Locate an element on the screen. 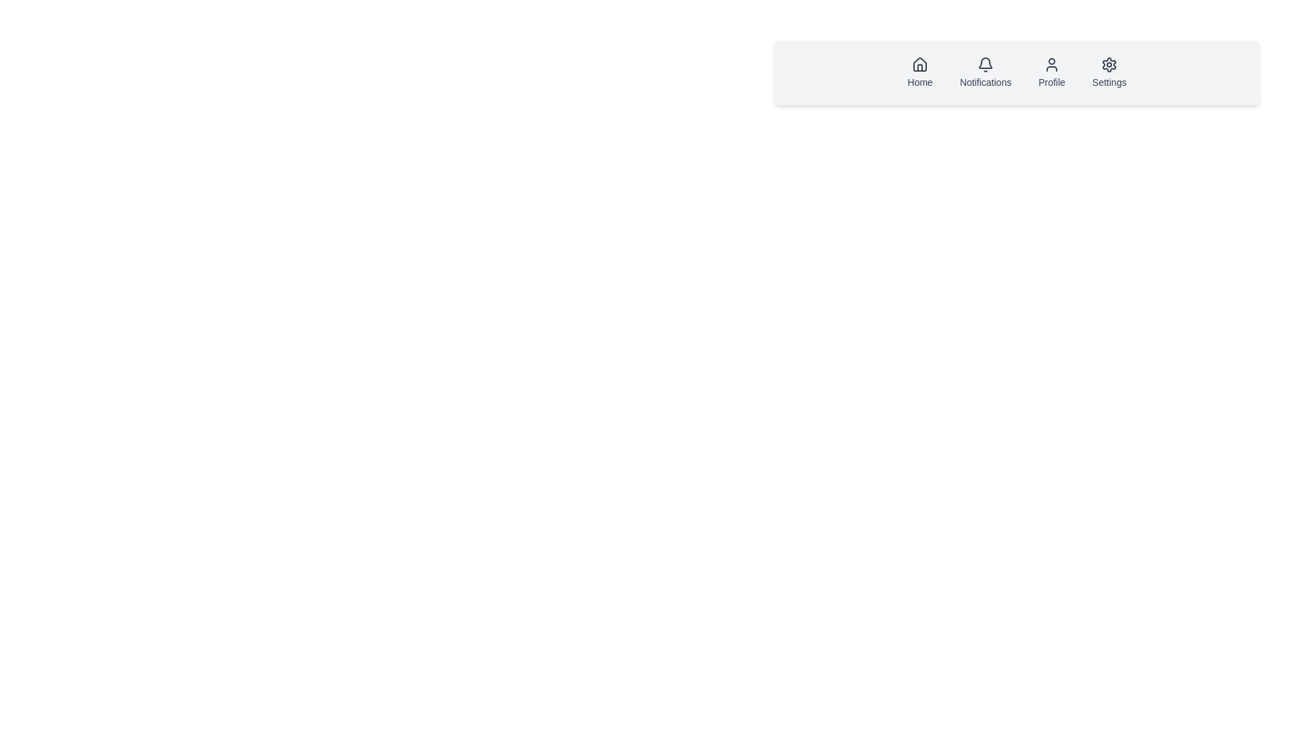  the 'Profile' button, which features a user profile icon above the text 'Profile' in dark gray, located in the navigation bar between 'Notifications' and 'Settings' is located at coordinates (1051, 73).